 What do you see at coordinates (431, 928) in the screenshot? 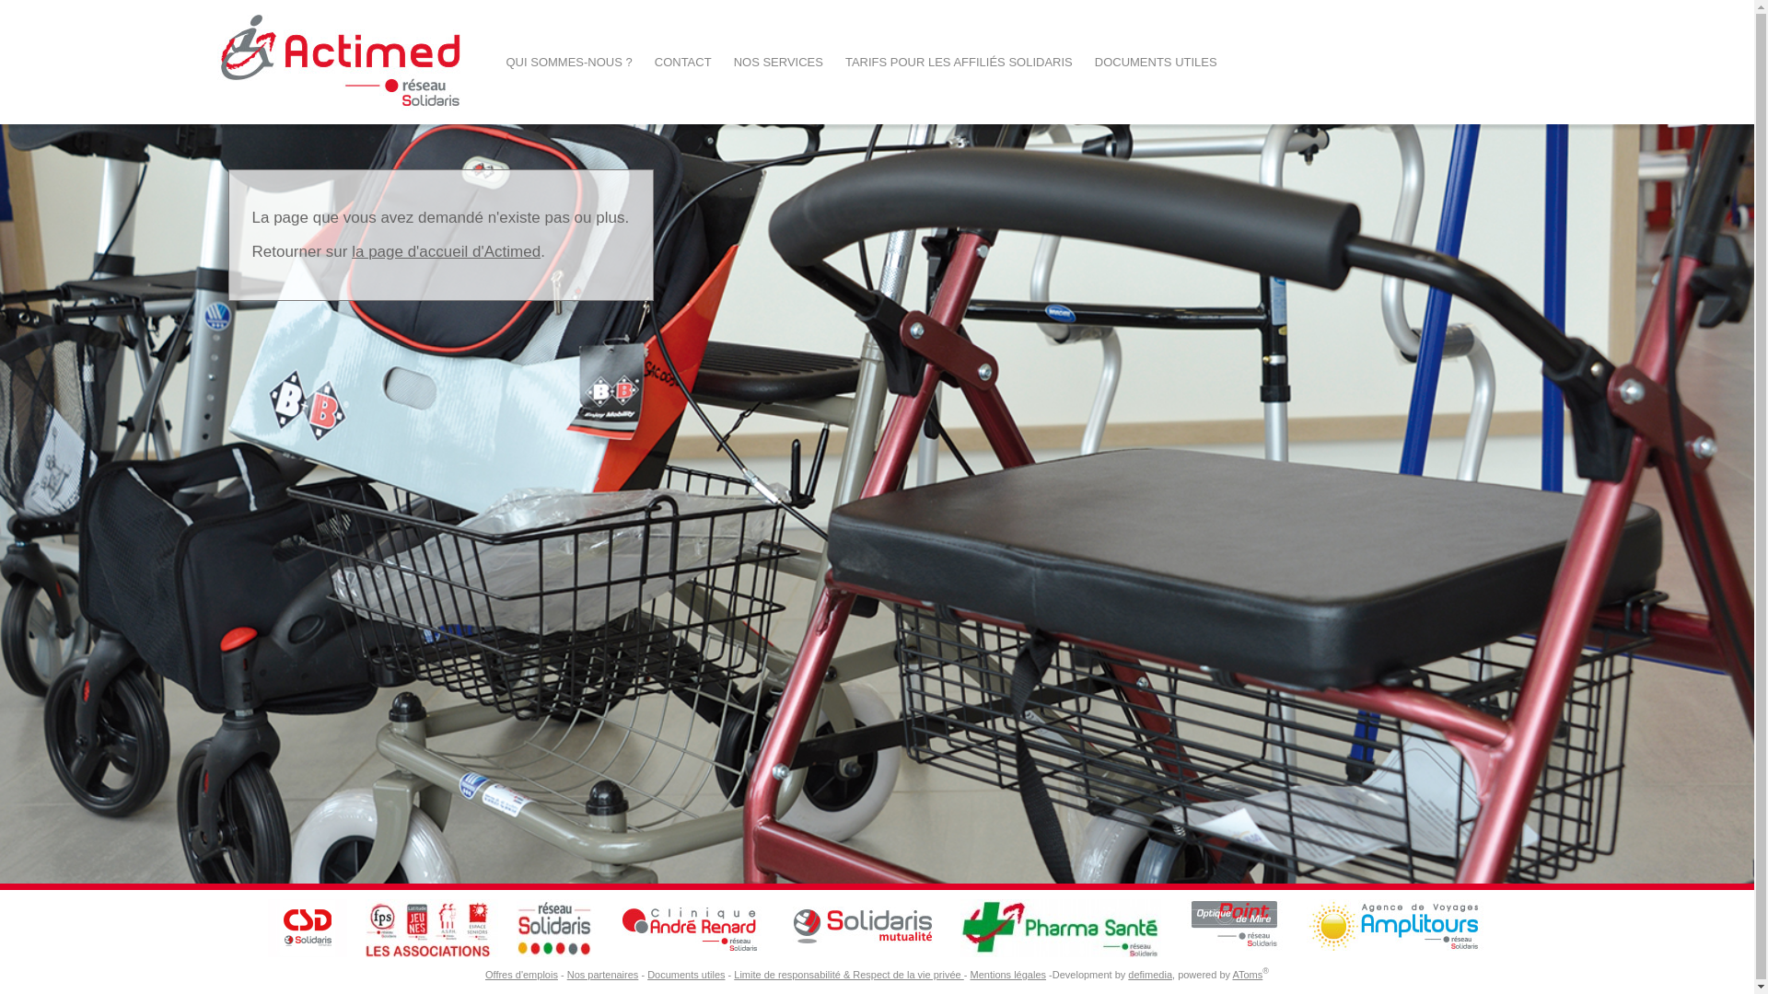
I see `'logo-FPS associations'` at bounding box center [431, 928].